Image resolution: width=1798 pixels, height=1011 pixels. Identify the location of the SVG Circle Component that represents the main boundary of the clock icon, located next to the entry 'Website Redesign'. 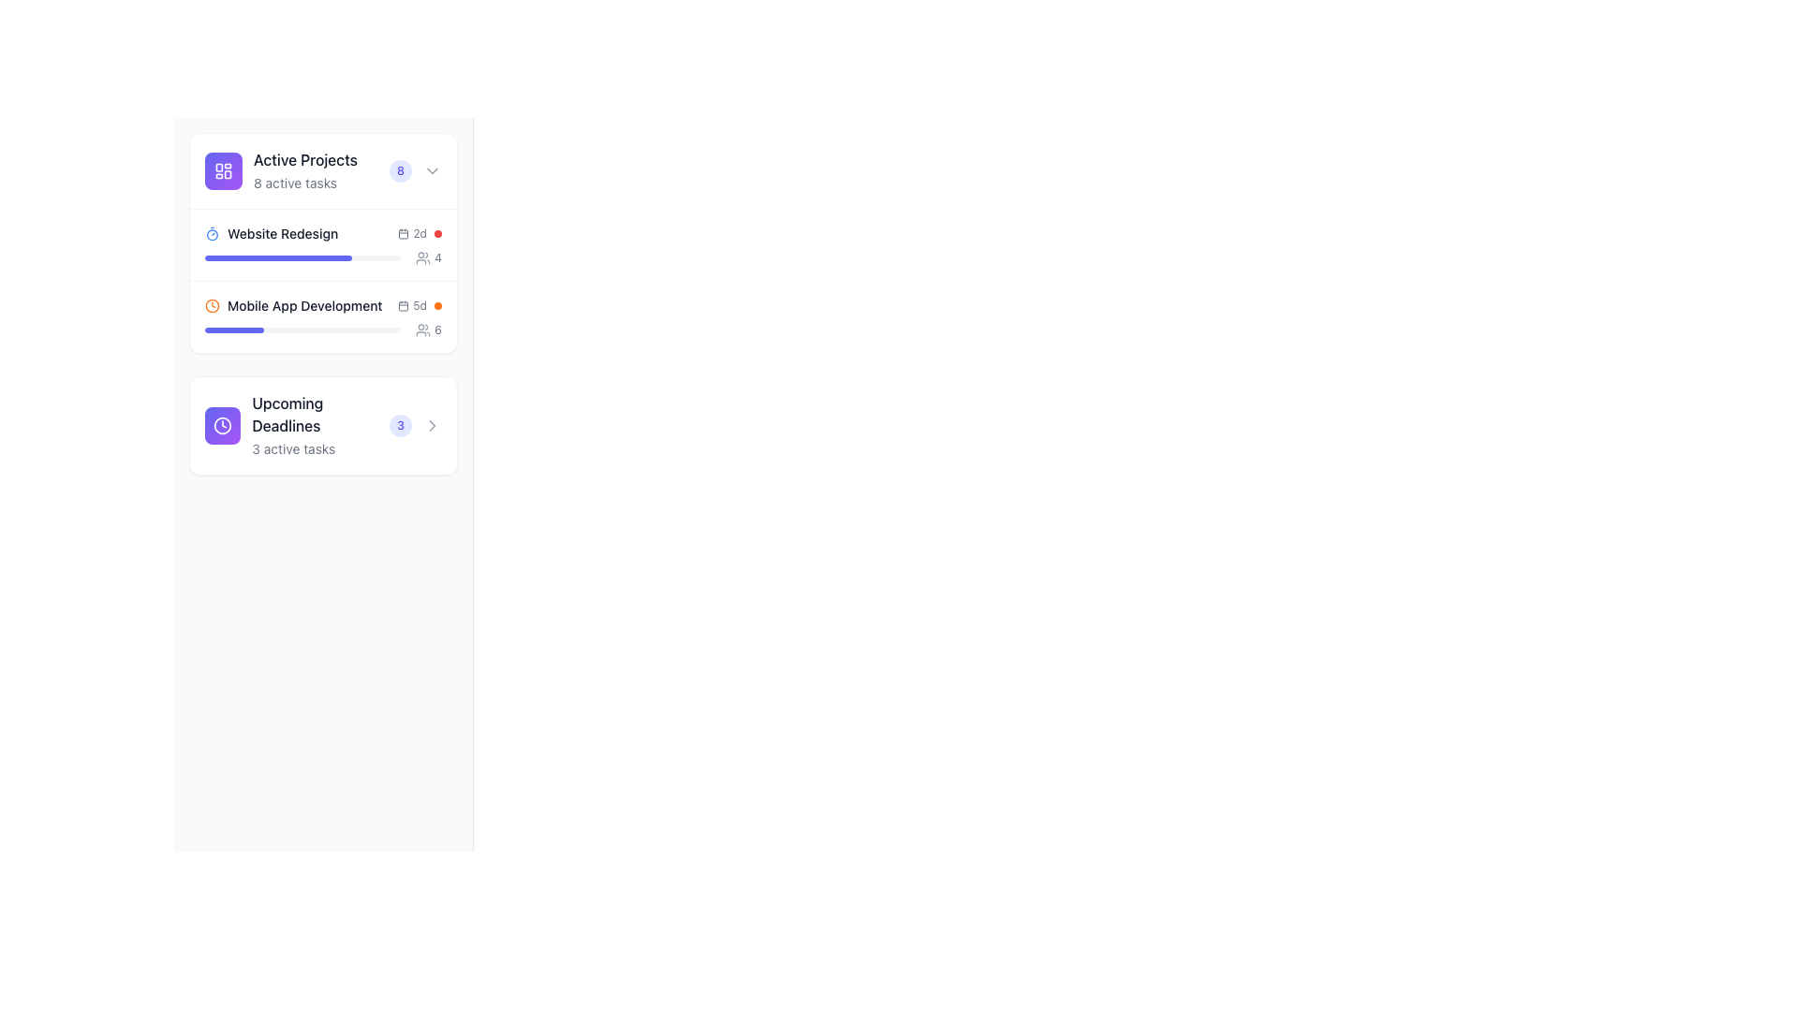
(223, 426).